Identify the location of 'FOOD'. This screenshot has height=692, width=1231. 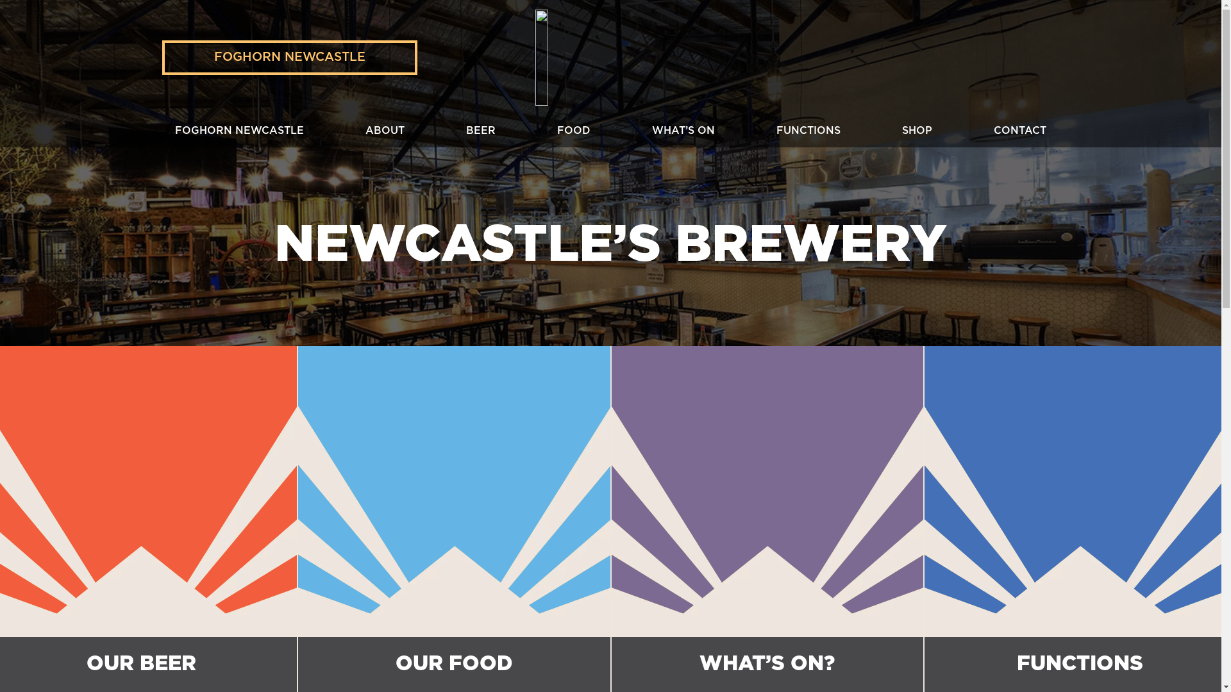
(573, 131).